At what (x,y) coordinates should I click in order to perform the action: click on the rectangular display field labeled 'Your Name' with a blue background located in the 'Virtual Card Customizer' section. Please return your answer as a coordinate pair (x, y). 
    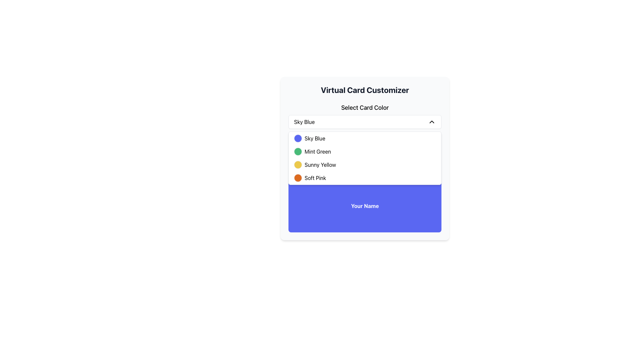
    Looking at the image, I should click on (365, 199).